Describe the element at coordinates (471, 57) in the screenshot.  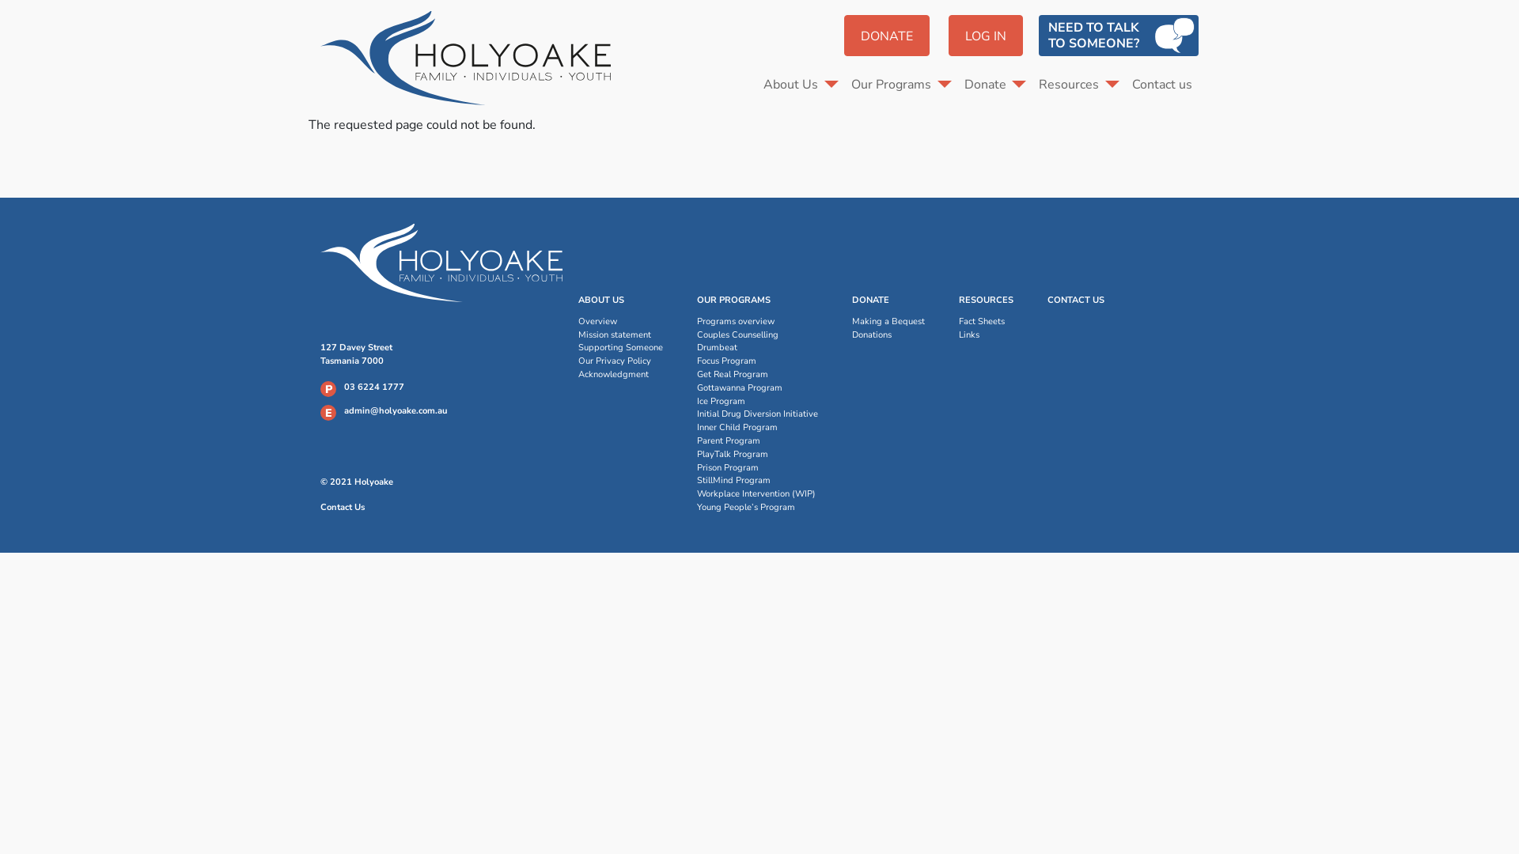
I see `'Home'` at that location.